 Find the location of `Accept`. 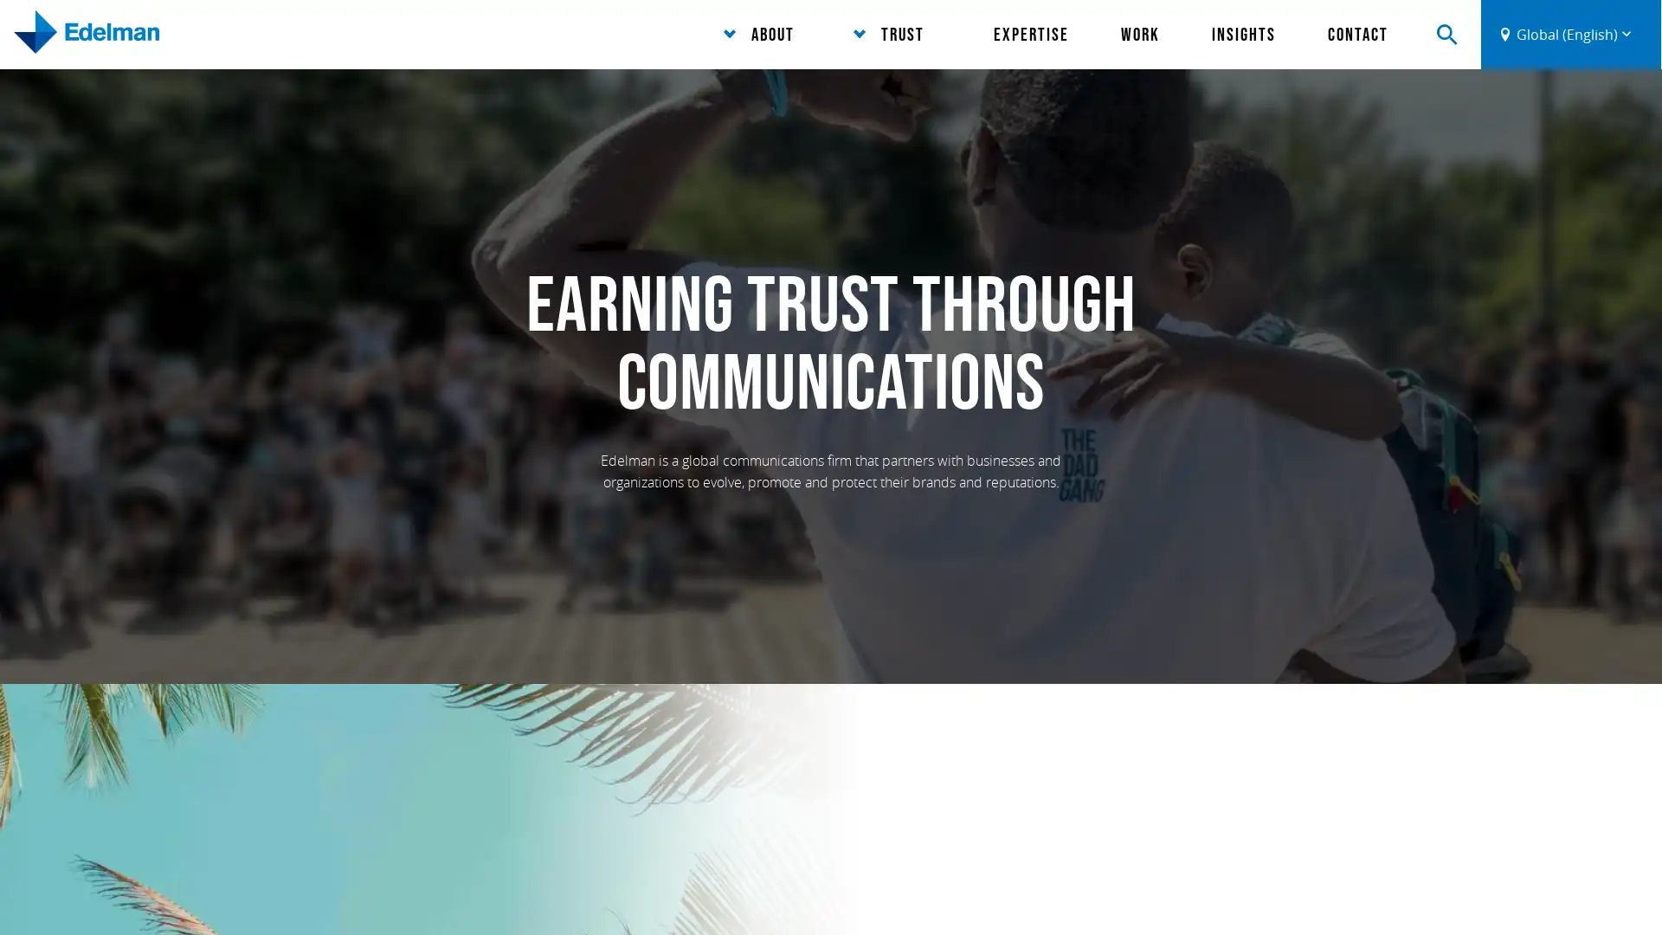

Accept is located at coordinates (1066, 894).